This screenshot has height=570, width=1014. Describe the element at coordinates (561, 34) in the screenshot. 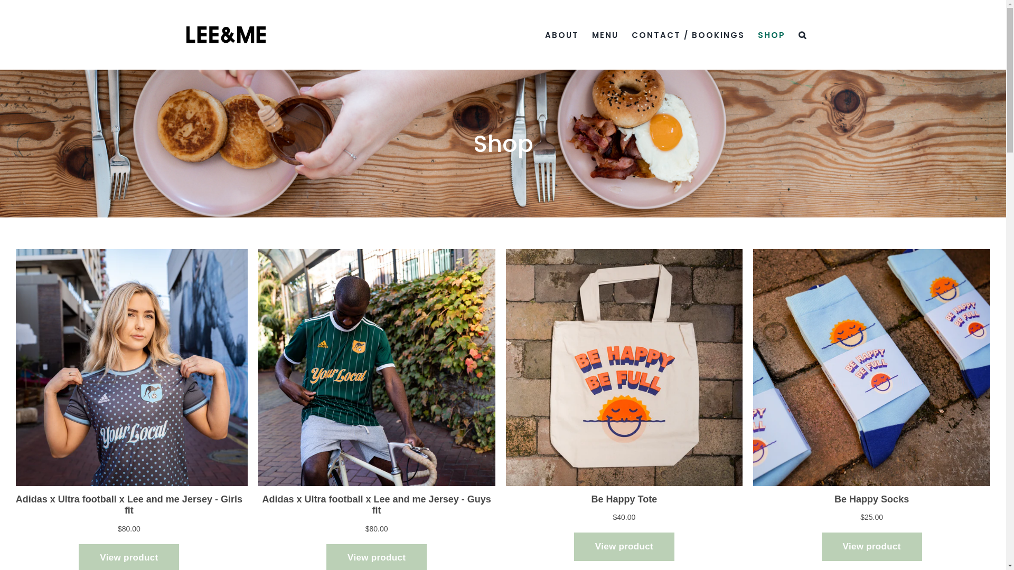

I see `'ABOUT'` at that location.